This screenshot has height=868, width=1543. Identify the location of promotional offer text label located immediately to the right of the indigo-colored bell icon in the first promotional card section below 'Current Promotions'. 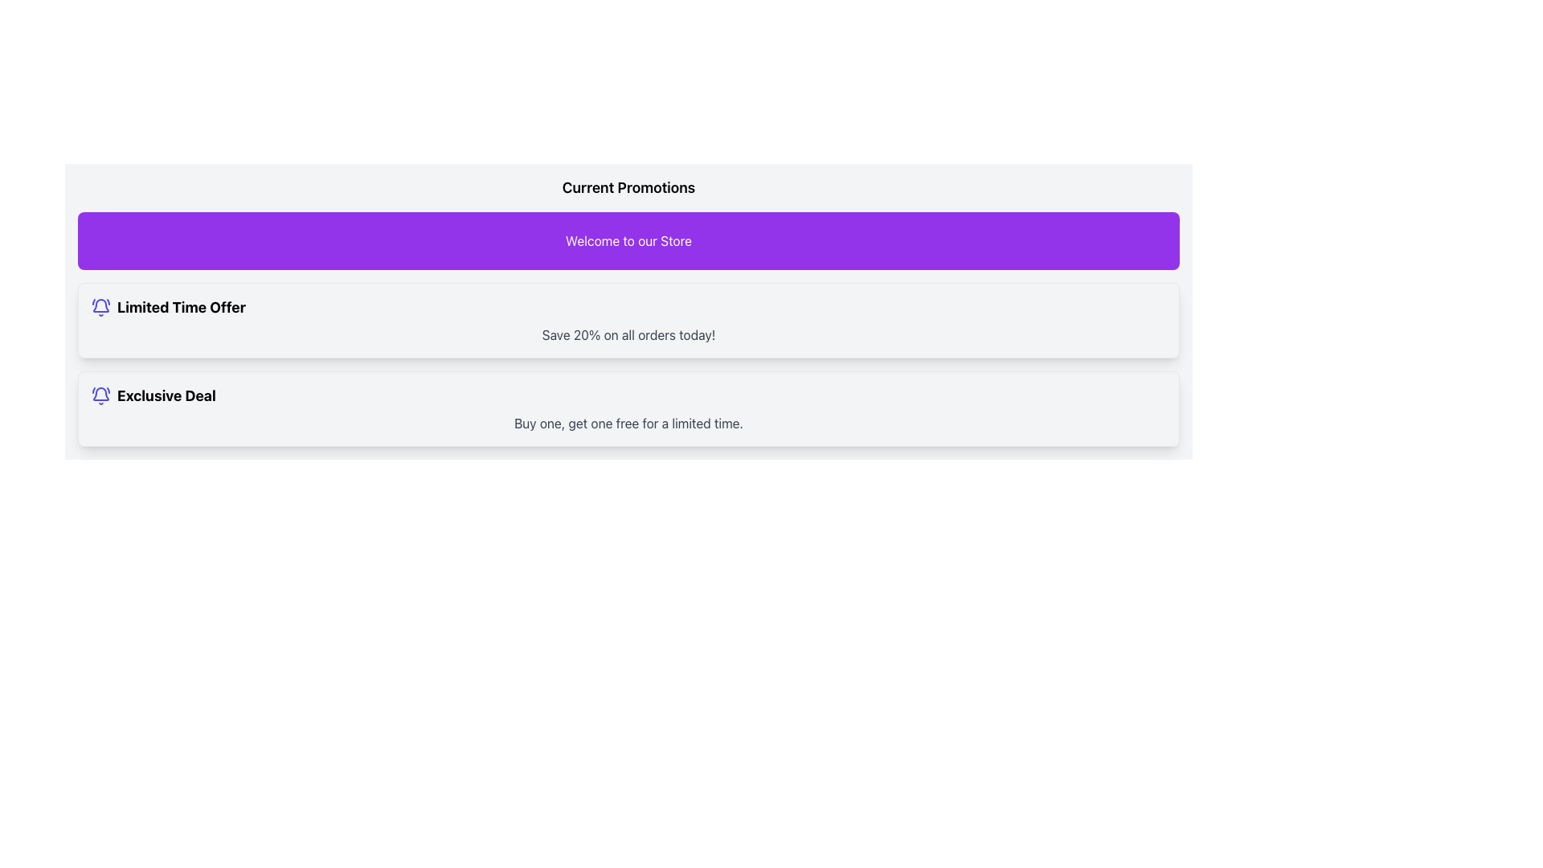
(181, 307).